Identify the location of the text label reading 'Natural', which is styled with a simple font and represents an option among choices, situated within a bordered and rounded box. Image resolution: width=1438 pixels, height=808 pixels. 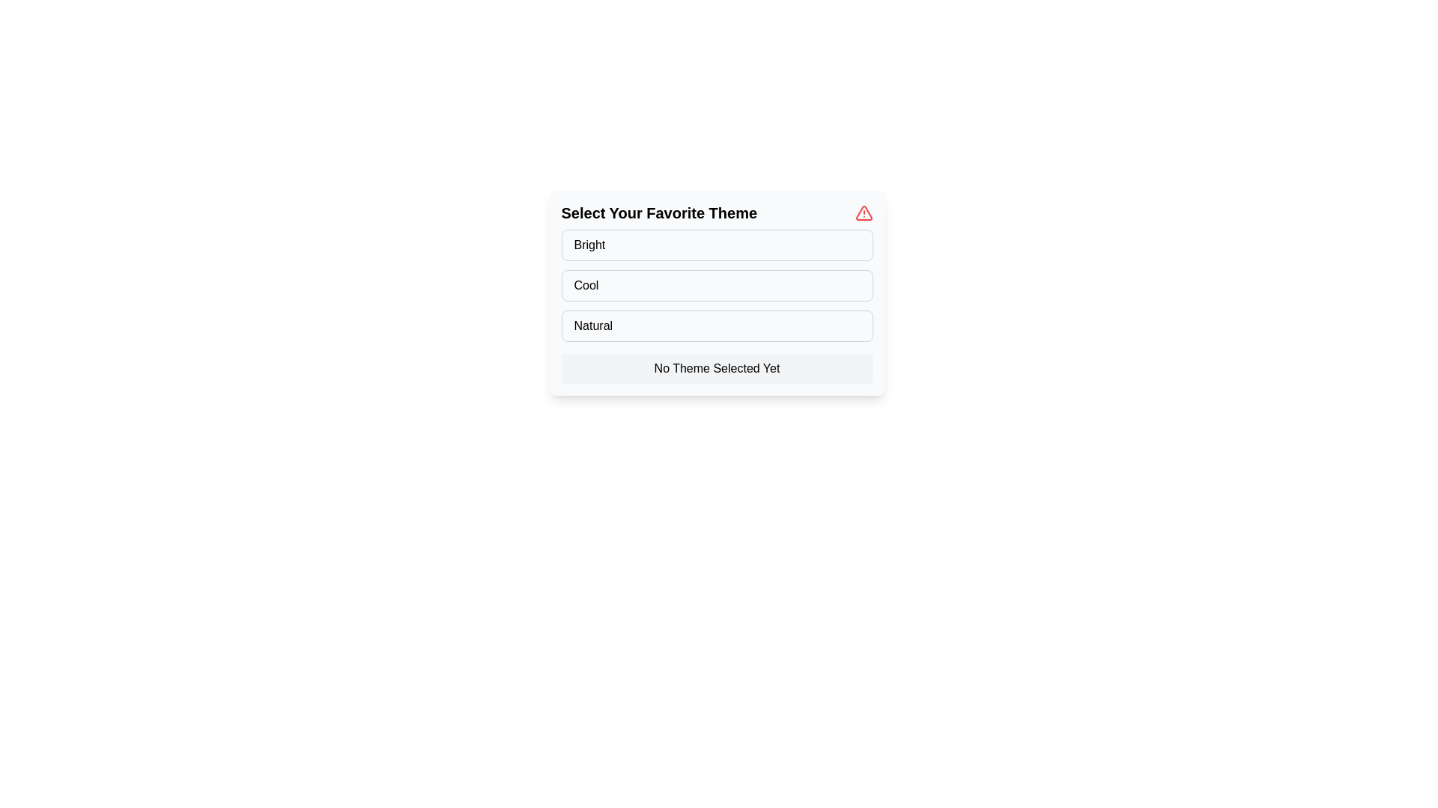
(592, 325).